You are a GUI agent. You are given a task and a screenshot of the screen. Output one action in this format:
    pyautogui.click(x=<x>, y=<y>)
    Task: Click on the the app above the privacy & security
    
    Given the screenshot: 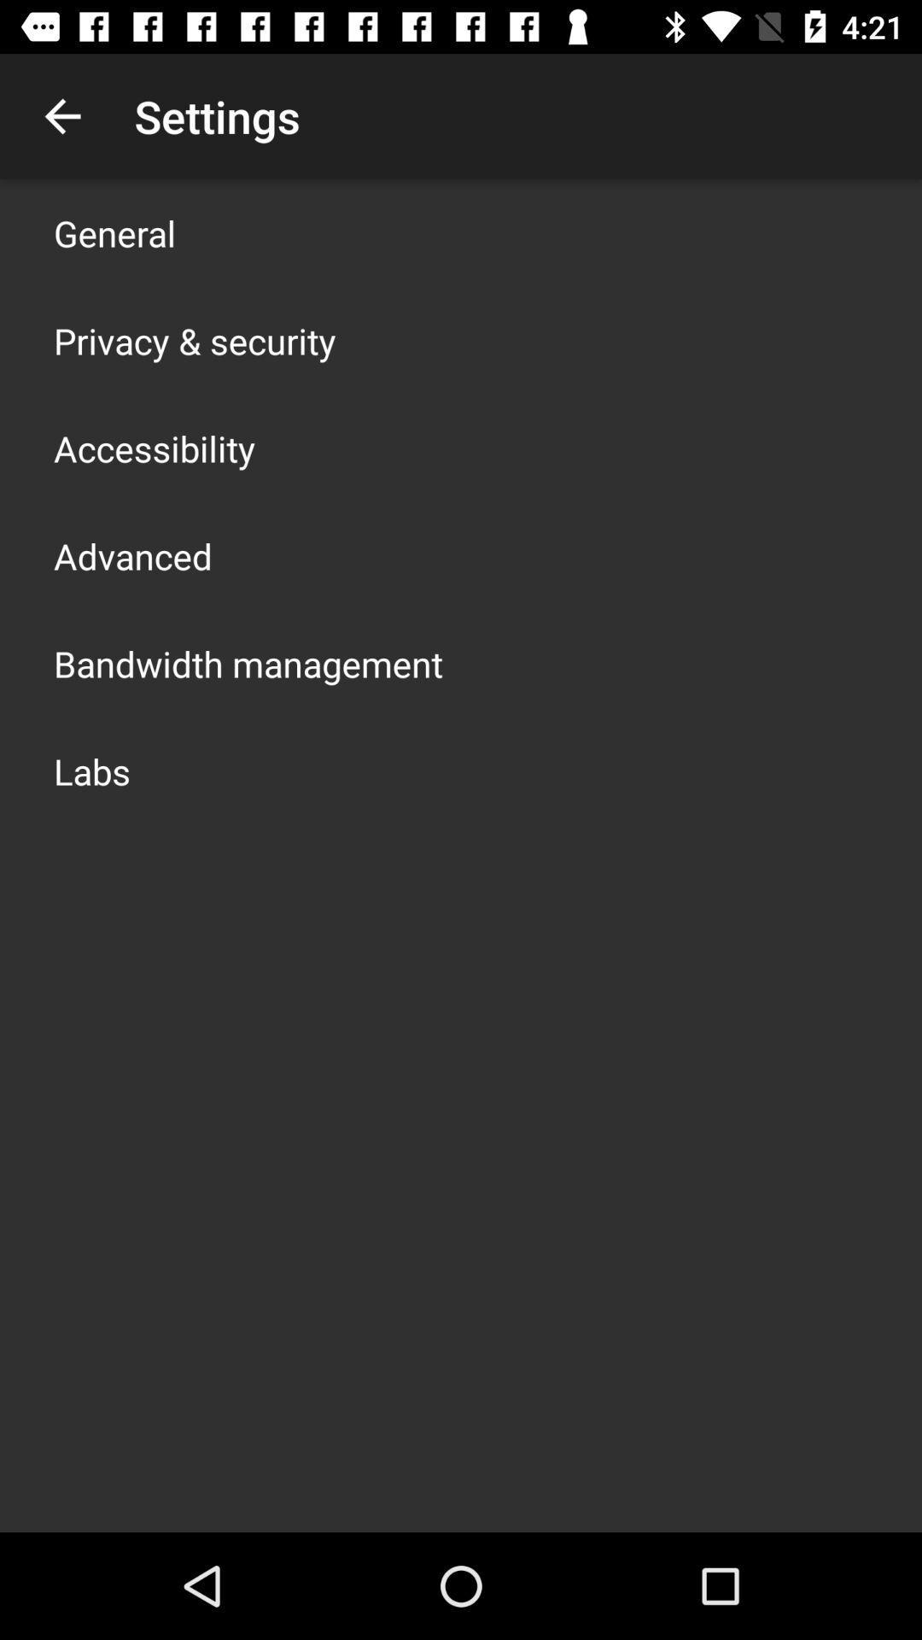 What is the action you would take?
    pyautogui.click(x=114, y=232)
    